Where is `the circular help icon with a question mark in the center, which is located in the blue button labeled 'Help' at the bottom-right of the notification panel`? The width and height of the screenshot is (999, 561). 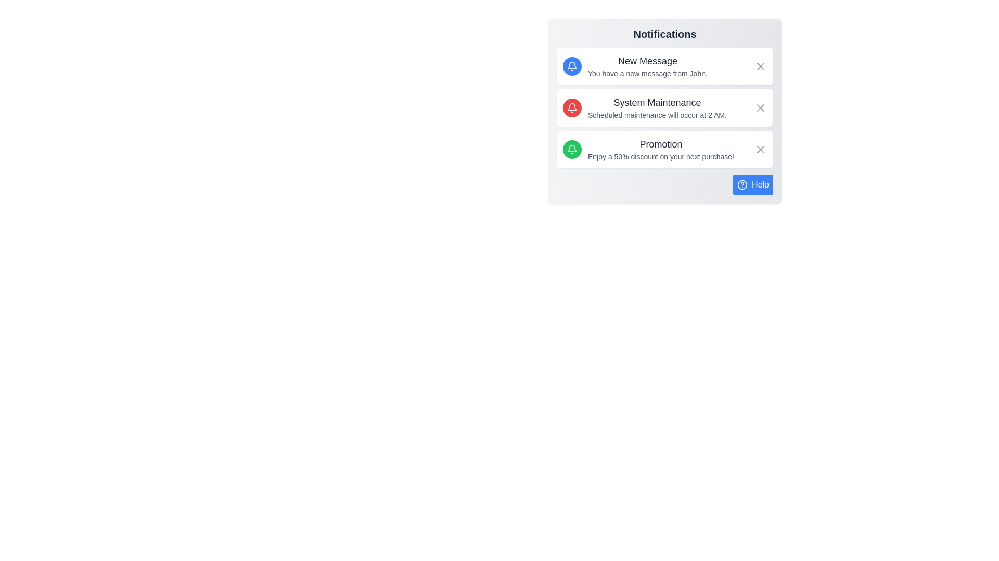 the circular help icon with a question mark in the center, which is located in the blue button labeled 'Help' at the bottom-right of the notification panel is located at coordinates (742, 184).